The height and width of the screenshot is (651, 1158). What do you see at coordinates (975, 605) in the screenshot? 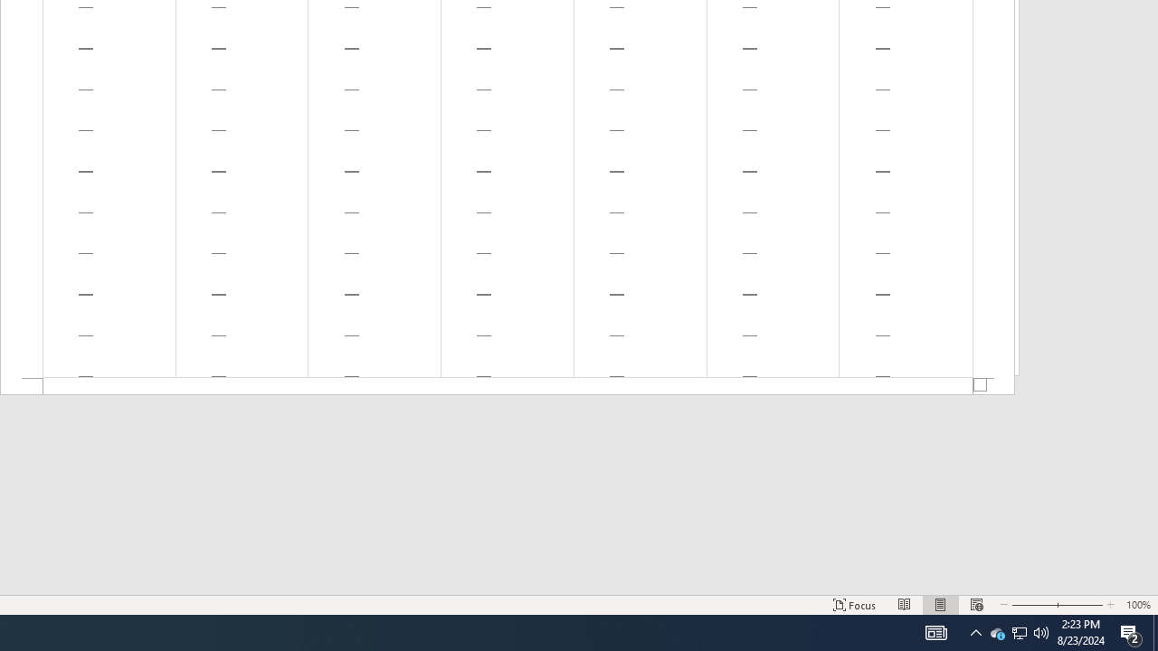
I see `'Web Layout'` at bounding box center [975, 605].